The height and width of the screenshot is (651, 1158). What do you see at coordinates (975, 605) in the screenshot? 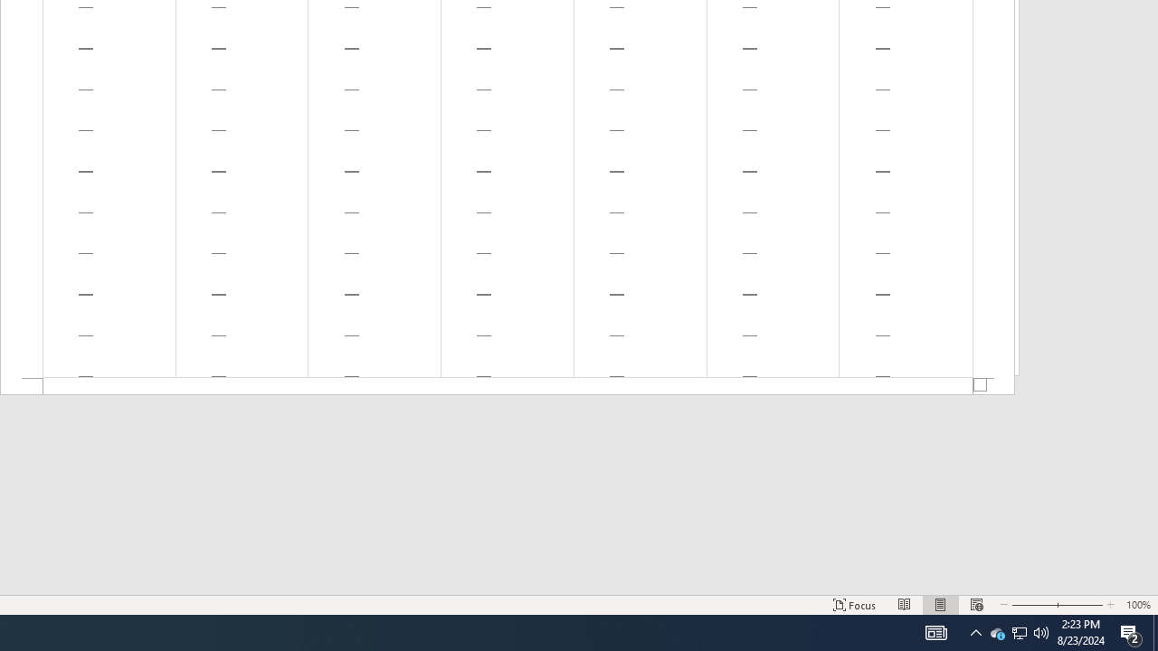
I see `'Web Layout'` at bounding box center [975, 605].